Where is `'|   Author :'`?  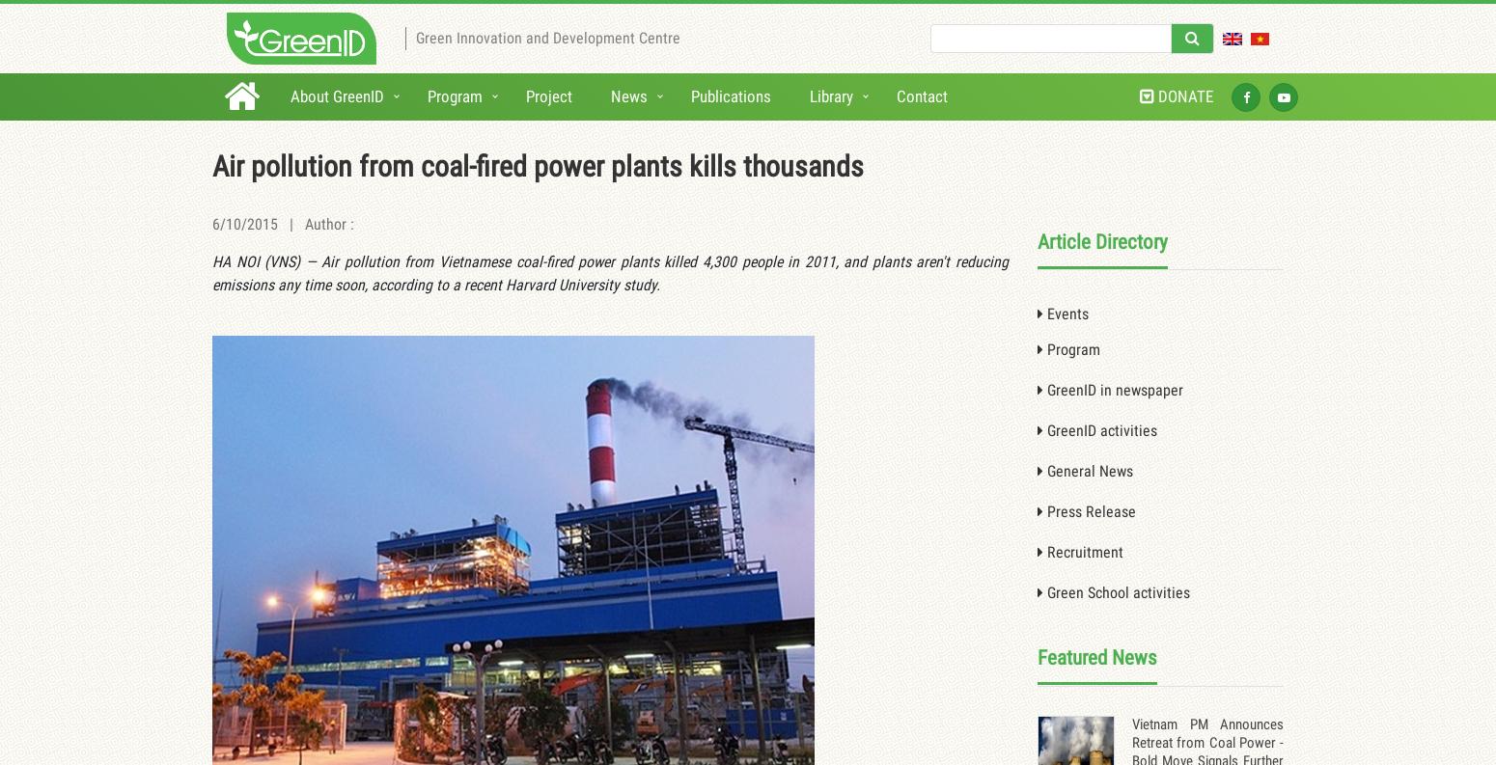 '|   Author :' is located at coordinates (315, 223).